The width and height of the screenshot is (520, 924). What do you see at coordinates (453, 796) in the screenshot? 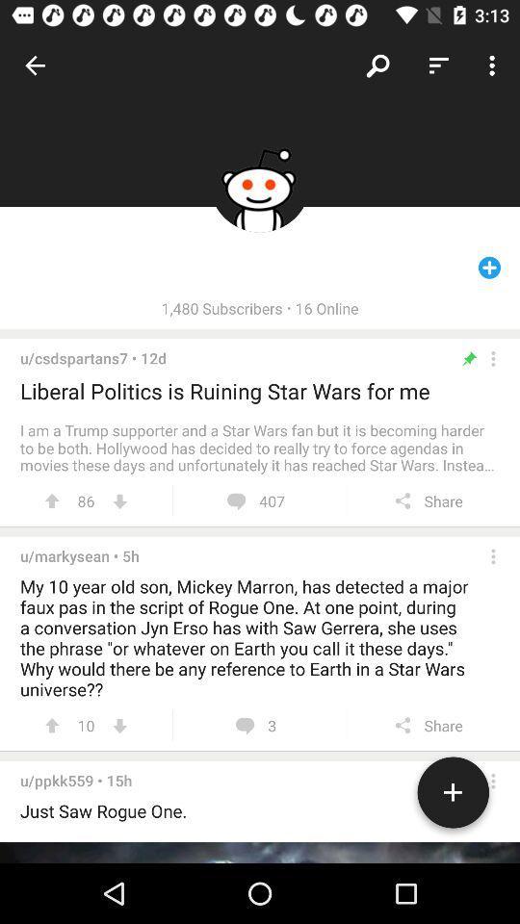
I see `a comment` at bounding box center [453, 796].